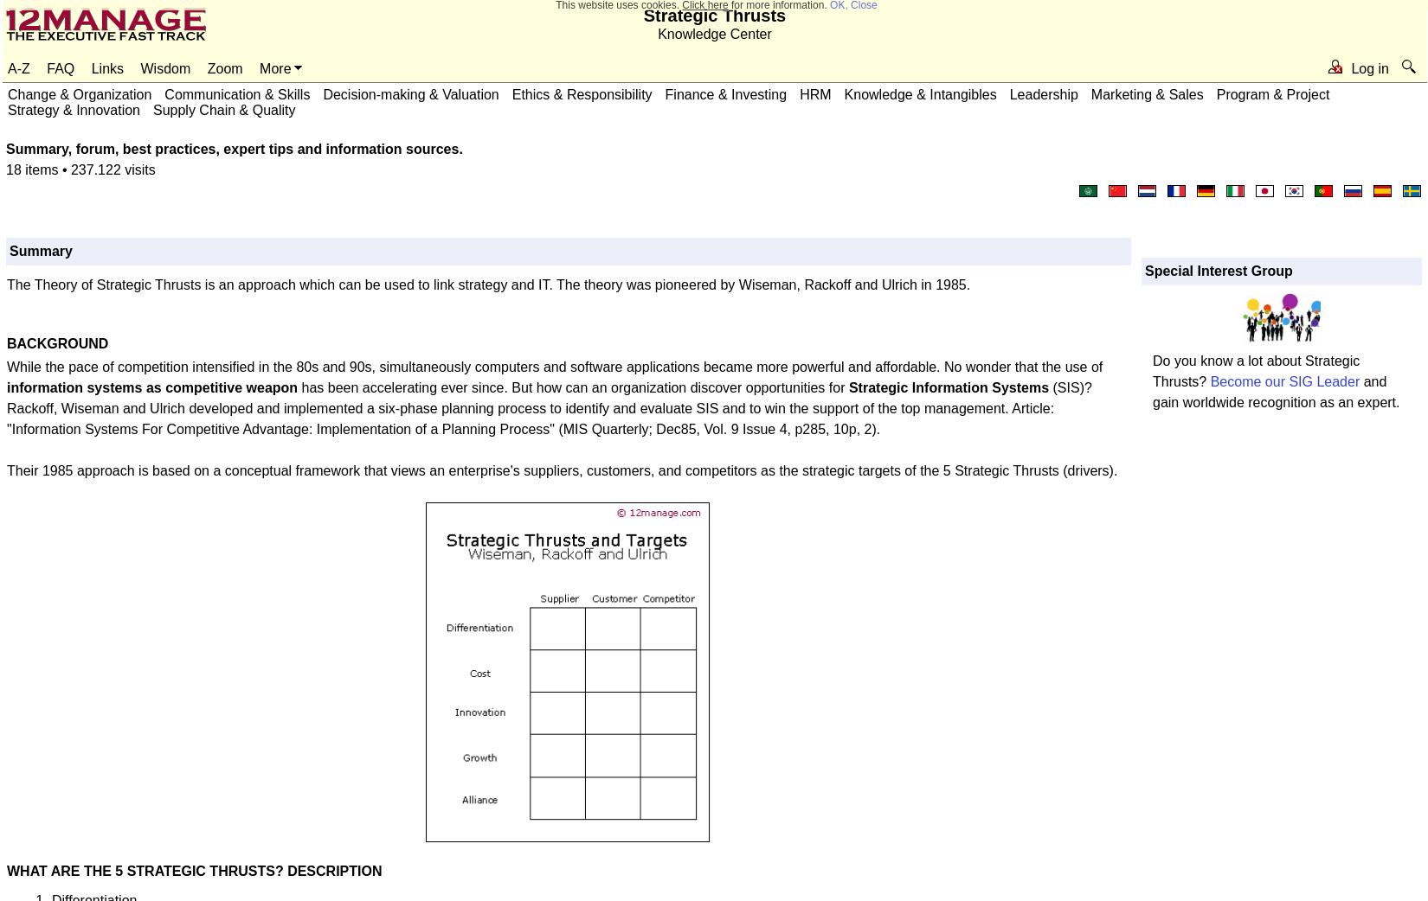  I want to click on 'Strategic Thrusts', so click(641, 15).